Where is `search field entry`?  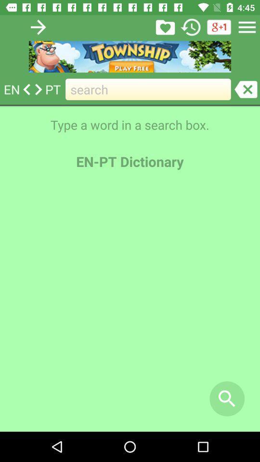
search field entry is located at coordinates (246, 89).